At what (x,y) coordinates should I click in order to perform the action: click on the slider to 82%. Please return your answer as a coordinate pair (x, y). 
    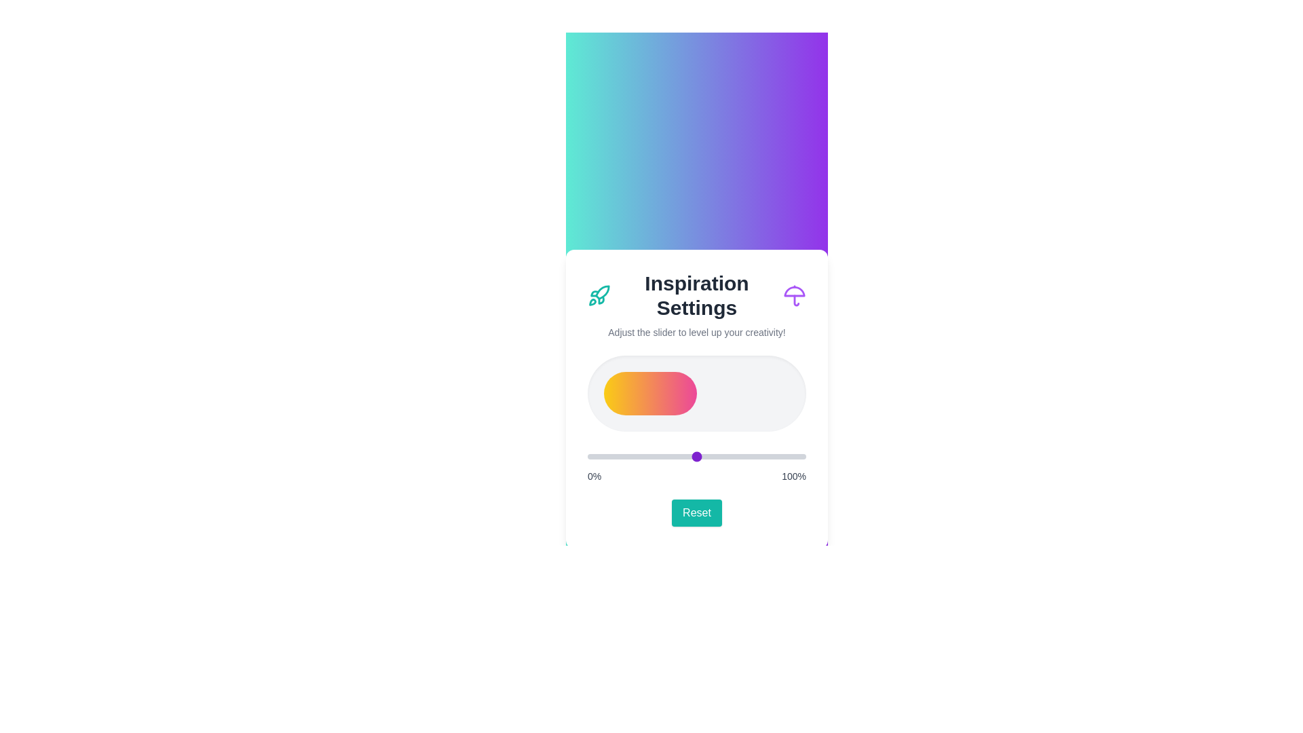
    Looking at the image, I should click on (767, 456).